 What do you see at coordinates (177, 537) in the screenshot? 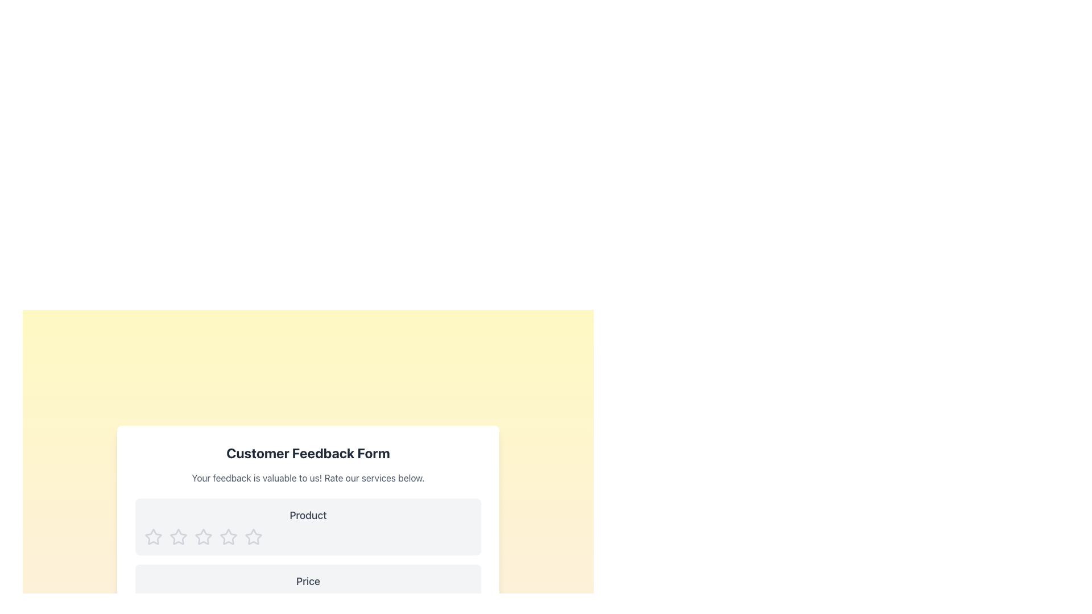
I see `the second star icon from the left in the horizontal set of five stars below the 'Product' label` at bounding box center [177, 537].